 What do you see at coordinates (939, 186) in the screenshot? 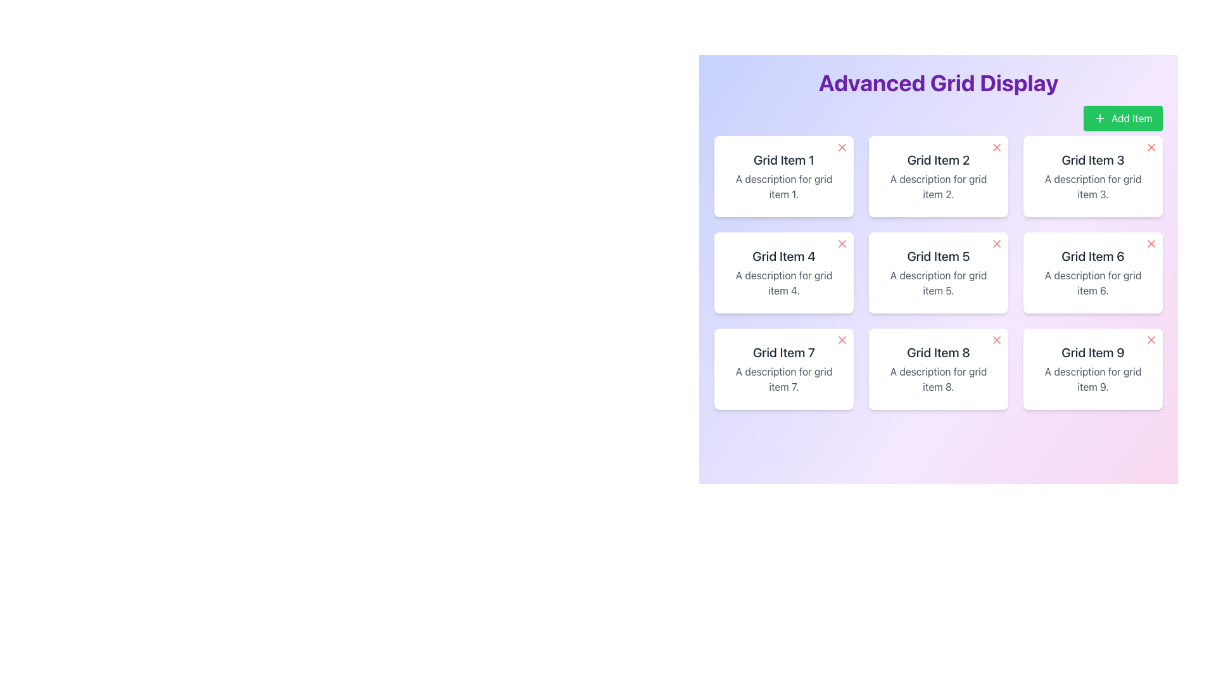
I see `text content of the text label that reads 'A description for grid item 2.', which is styled in gray and located centrally within the second grid item of the grid layout` at bounding box center [939, 186].